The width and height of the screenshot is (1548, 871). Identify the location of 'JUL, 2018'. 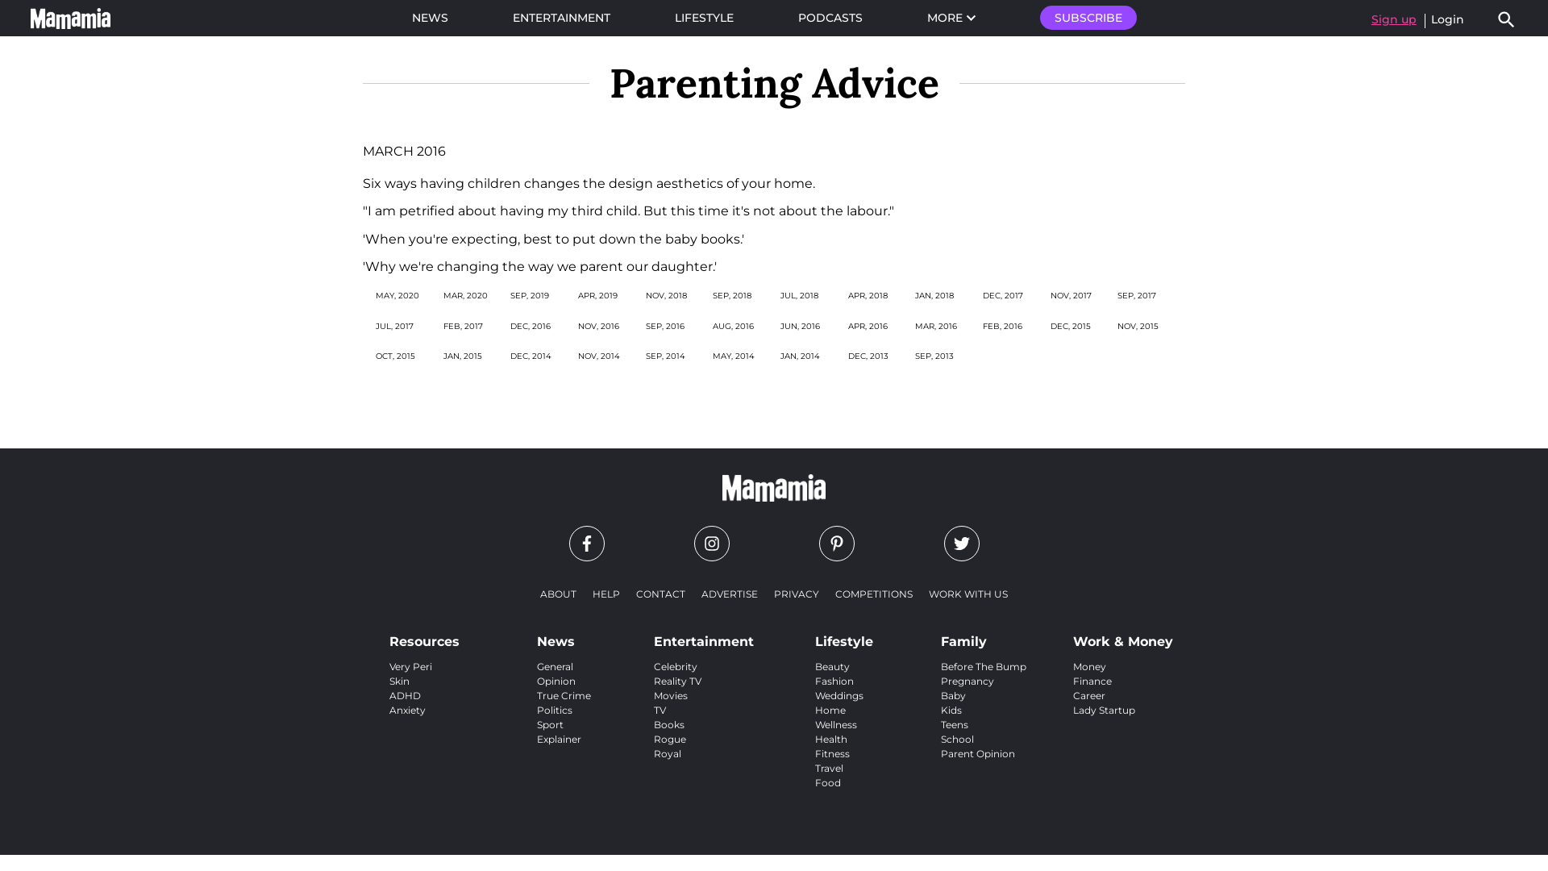
(799, 295).